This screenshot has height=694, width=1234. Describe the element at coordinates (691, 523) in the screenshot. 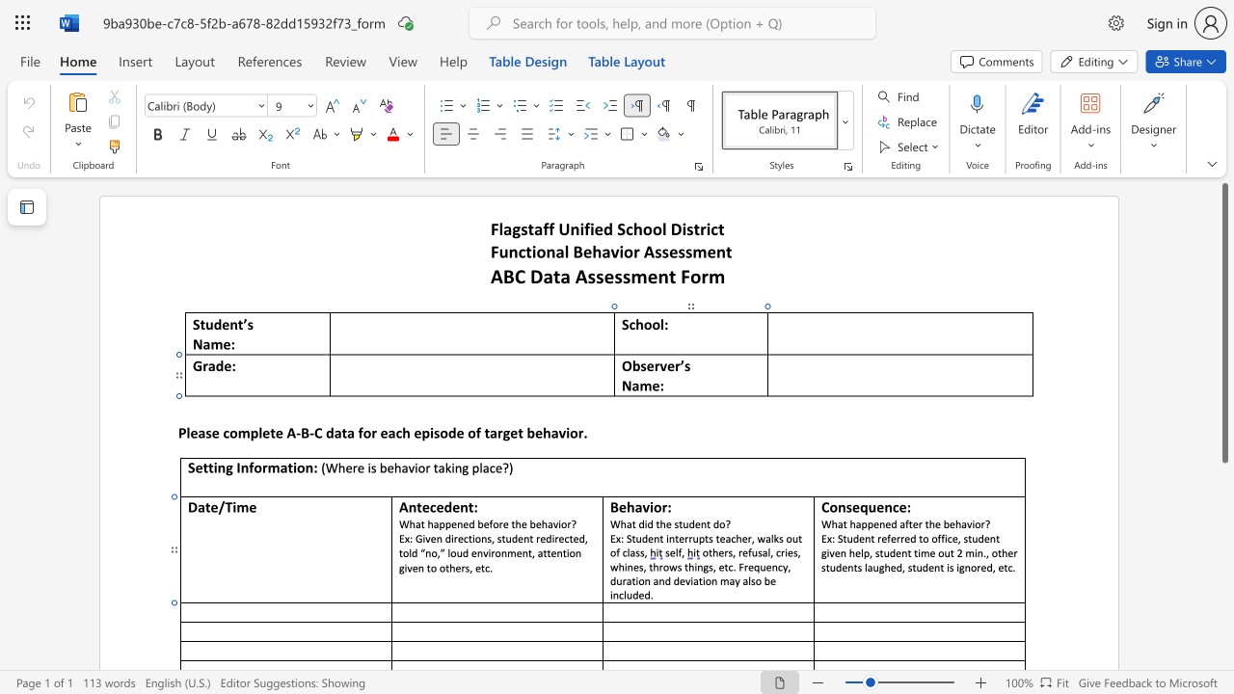

I see `the 3th character "d" in the text` at that location.